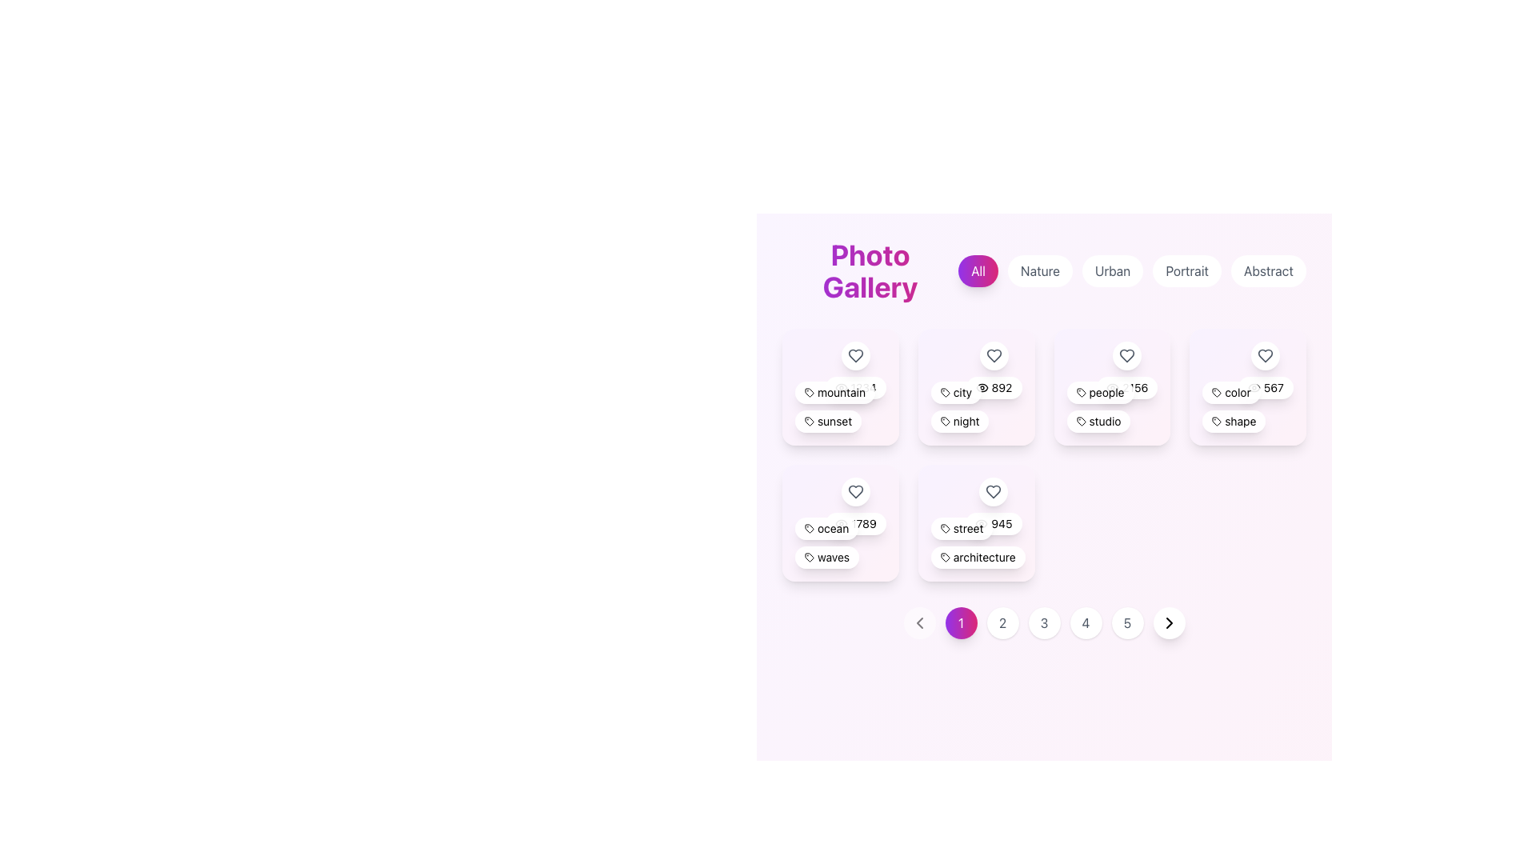 This screenshot has width=1536, height=864. Describe the element at coordinates (960, 622) in the screenshot. I see `the circular button labeled '1' located in the bottom navigation bar of the photo gallery` at that location.